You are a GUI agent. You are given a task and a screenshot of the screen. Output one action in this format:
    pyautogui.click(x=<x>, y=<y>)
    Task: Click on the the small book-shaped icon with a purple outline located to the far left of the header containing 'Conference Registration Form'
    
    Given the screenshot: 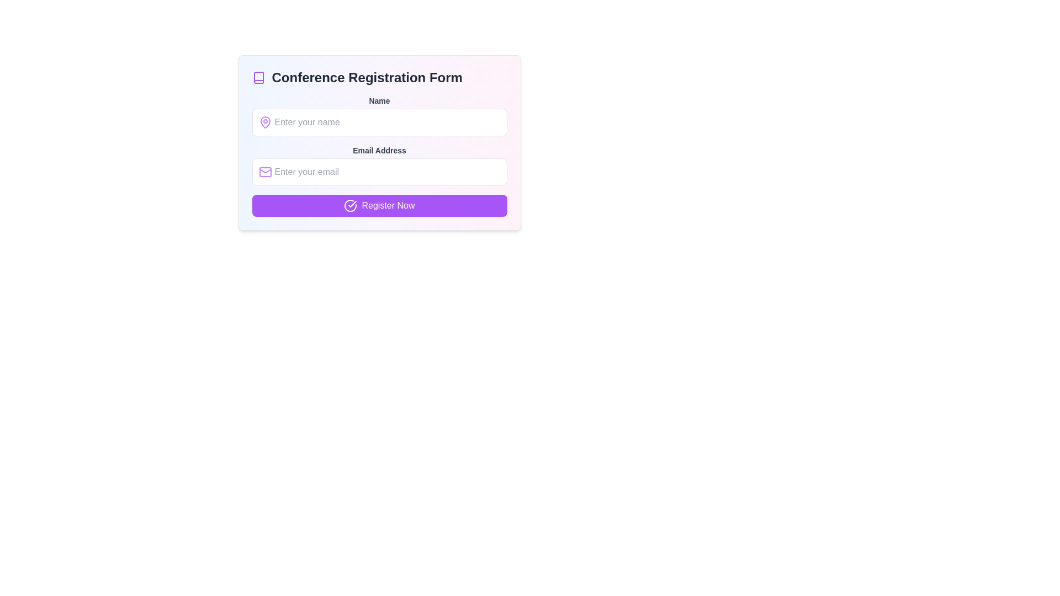 What is the action you would take?
    pyautogui.click(x=258, y=77)
    